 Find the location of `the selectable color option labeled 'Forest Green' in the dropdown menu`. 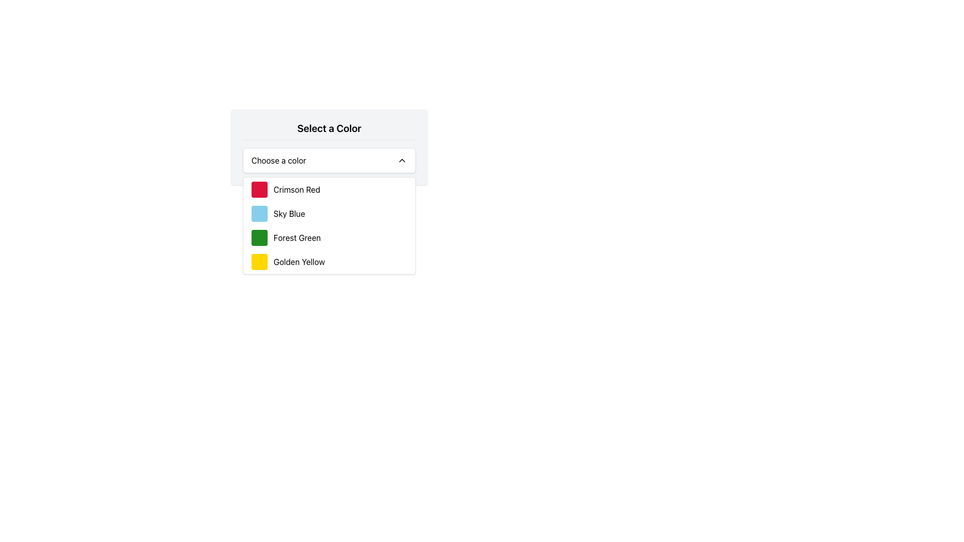

the selectable color option labeled 'Forest Green' in the dropdown menu is located at coordinates (296, 238).